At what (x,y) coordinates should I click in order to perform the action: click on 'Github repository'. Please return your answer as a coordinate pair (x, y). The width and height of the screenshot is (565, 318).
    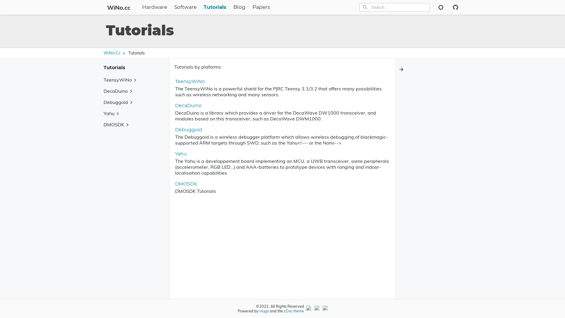
    Looking at the image, I should click on (455, 7).